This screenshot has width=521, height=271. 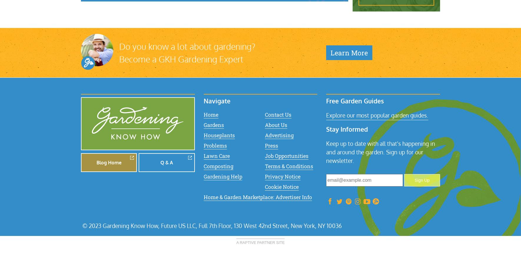 What do you see at coordinates (223, 176) in the screenshot?
I see `'Gardening Help'` at bounding box center [223, 176].